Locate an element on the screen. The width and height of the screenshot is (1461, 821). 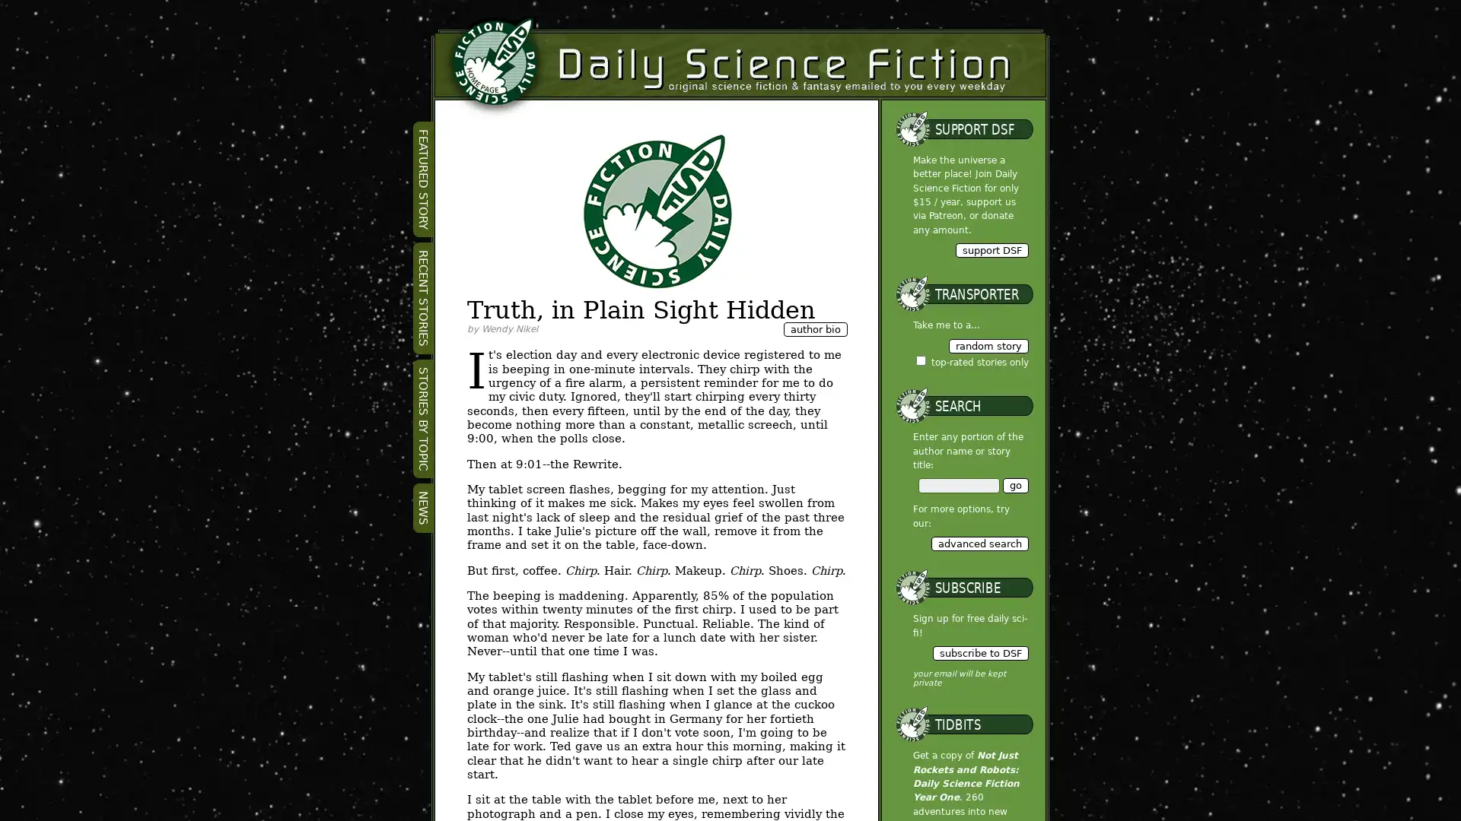
subscribe to DSF is located at coordinates (979, 652).